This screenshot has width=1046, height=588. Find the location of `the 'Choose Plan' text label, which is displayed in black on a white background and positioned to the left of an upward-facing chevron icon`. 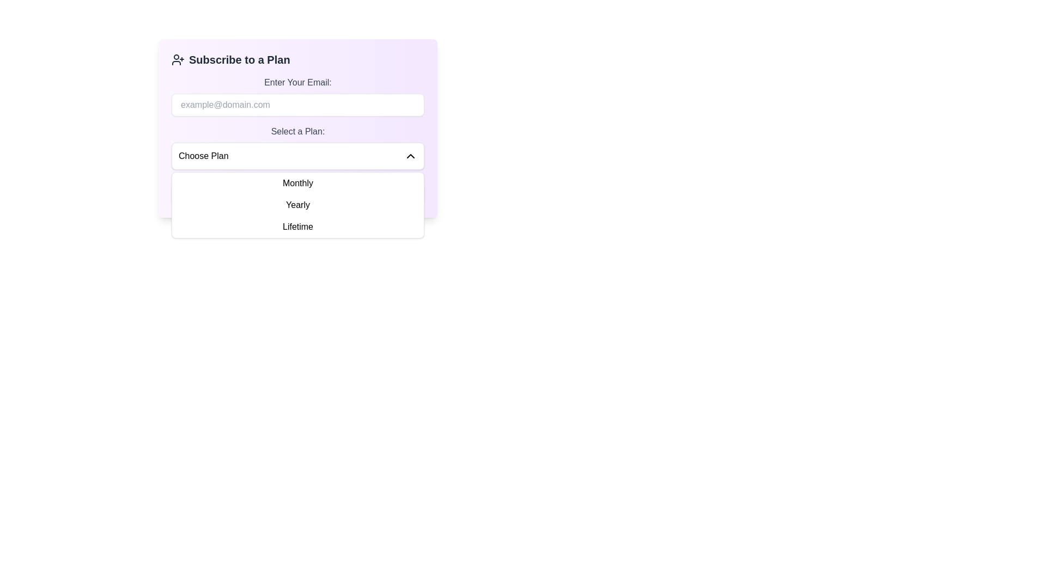

the 'Choose Plan' text label, which is displayed in black on a white background and positioned to the left of an upward-facing chevron icon is located at coordinates (203, 156).